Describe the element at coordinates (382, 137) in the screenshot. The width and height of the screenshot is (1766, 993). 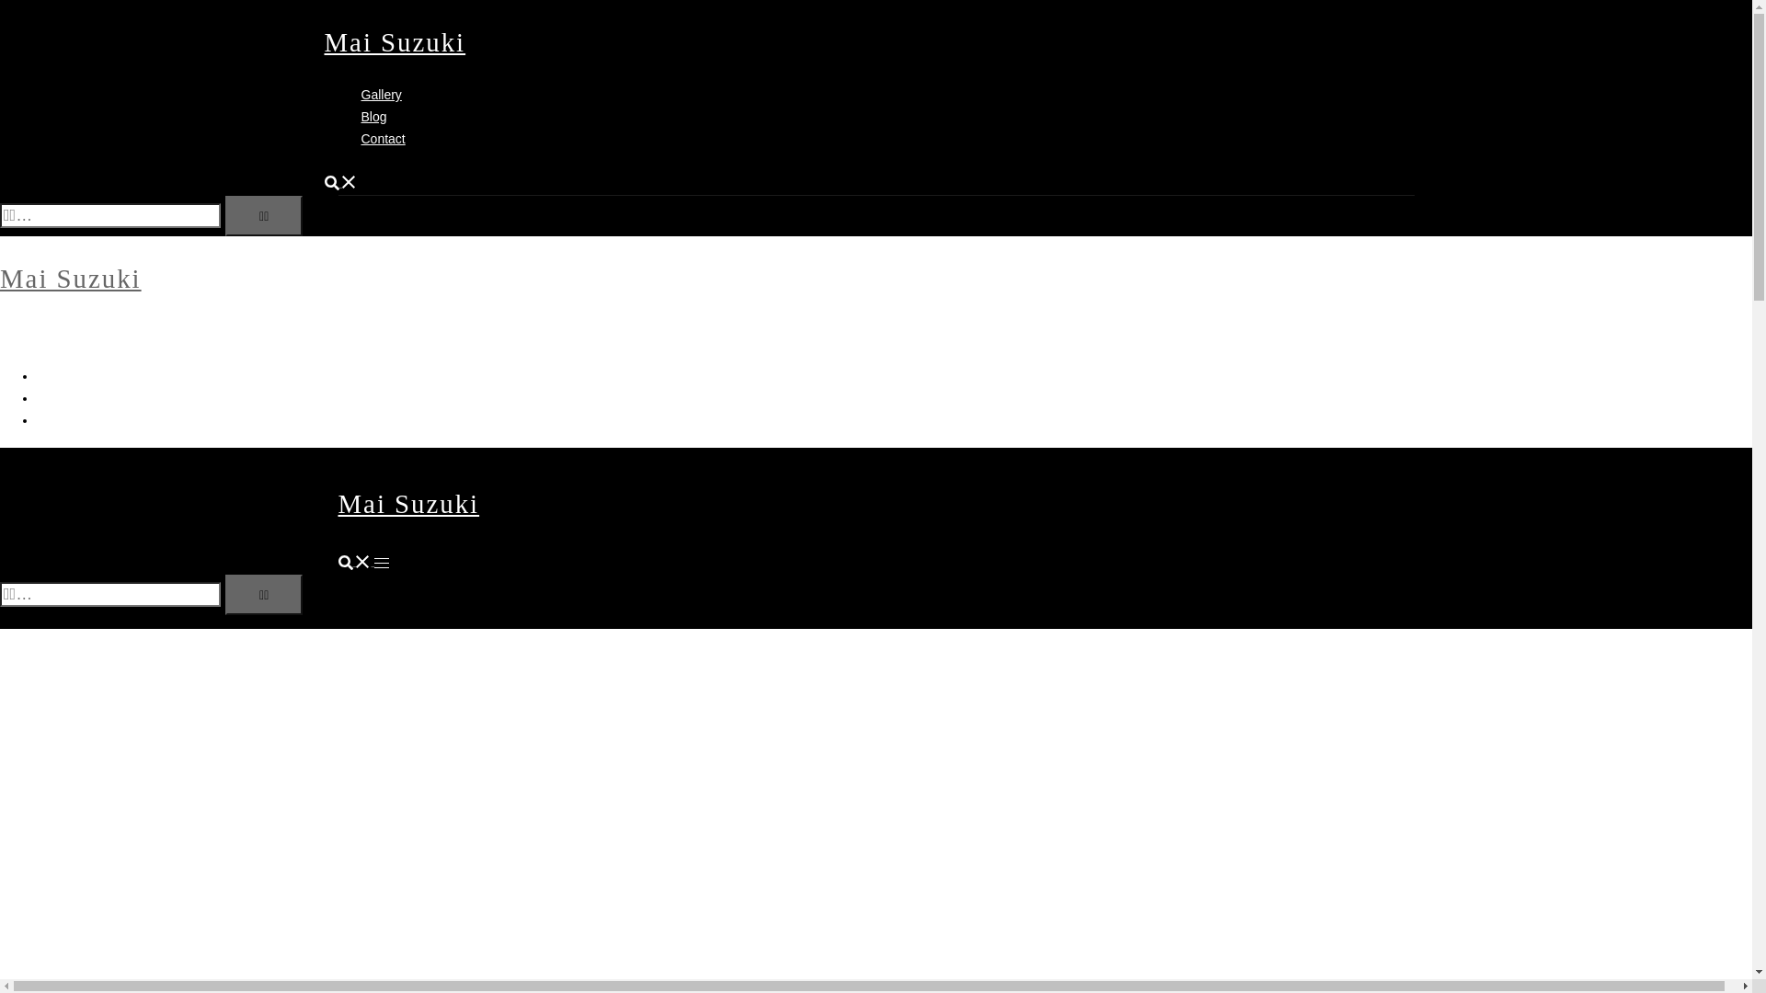
I see `'Contact'` at that location.